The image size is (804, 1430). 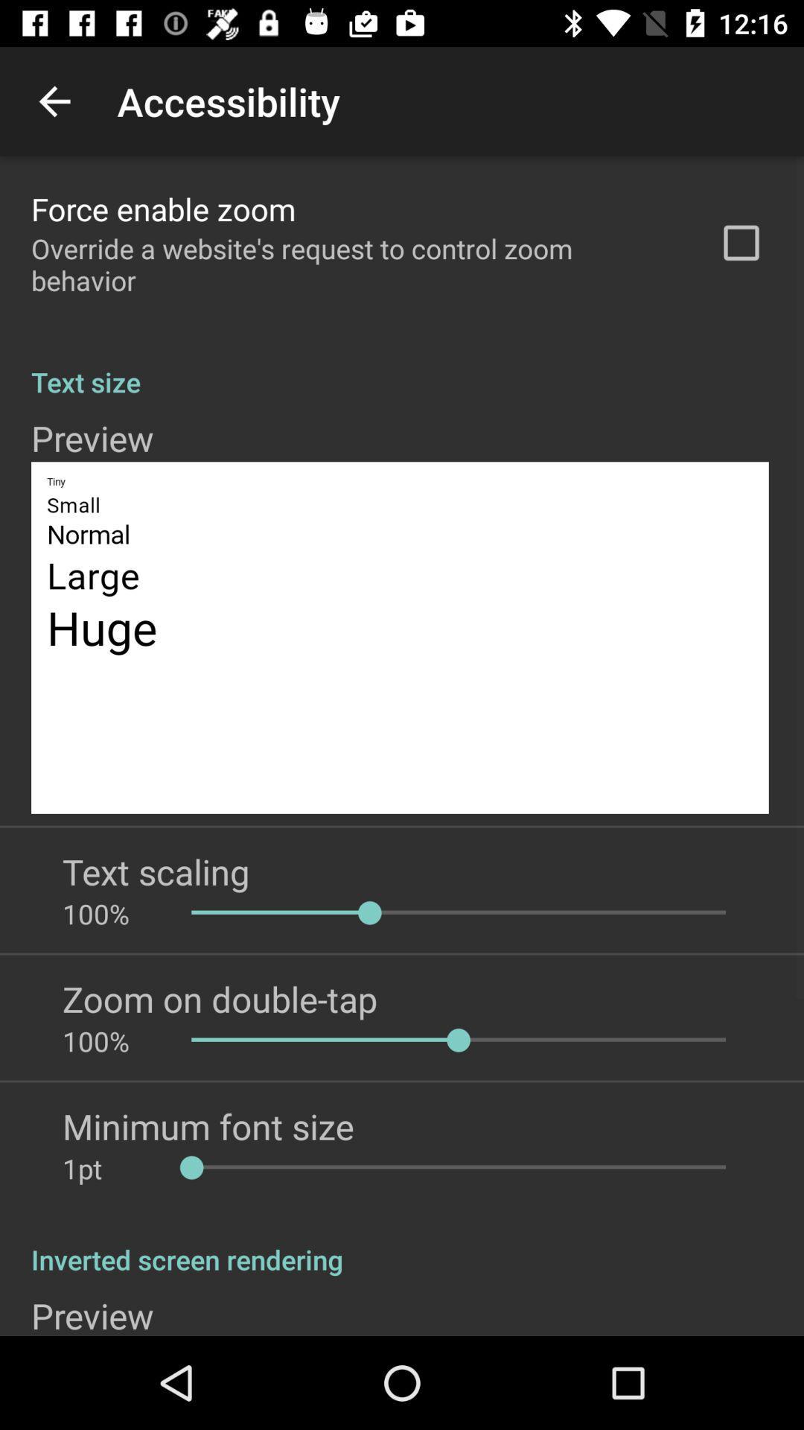 I want to click on app above text size app, so click(x=355, y=264).